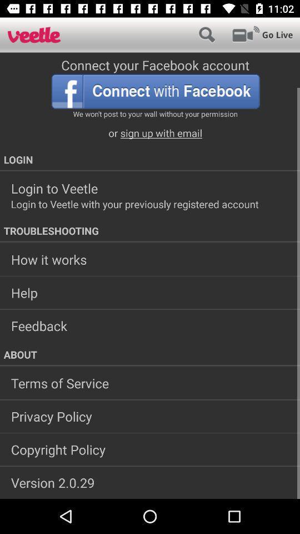 The width and height of the screenshot is (300, 534). What do you see at coordinates (262, 34) in the screenshot?
I see `livestream` at bounding box center [262, 34].